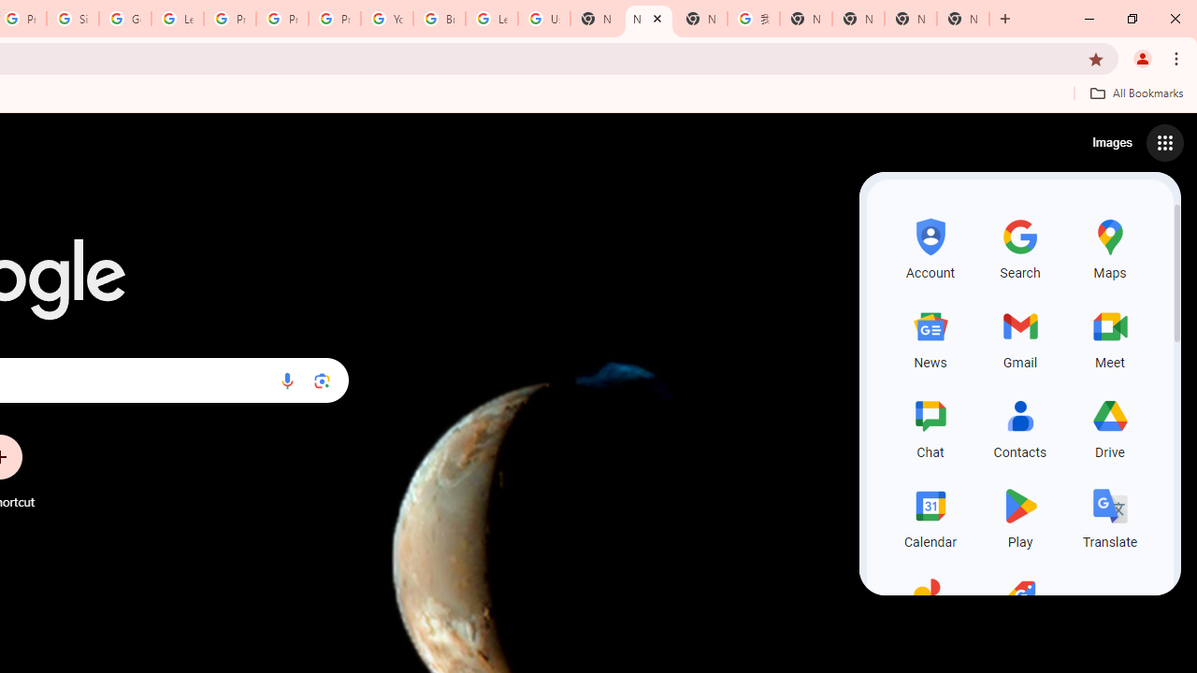 This screenshot has width=1197, height=673. Describe the element at coordinates (1110, 426) in the screenshot. I see `'Drive, row 3 of 5 and column 3 of 3 in the first section'` at that location.